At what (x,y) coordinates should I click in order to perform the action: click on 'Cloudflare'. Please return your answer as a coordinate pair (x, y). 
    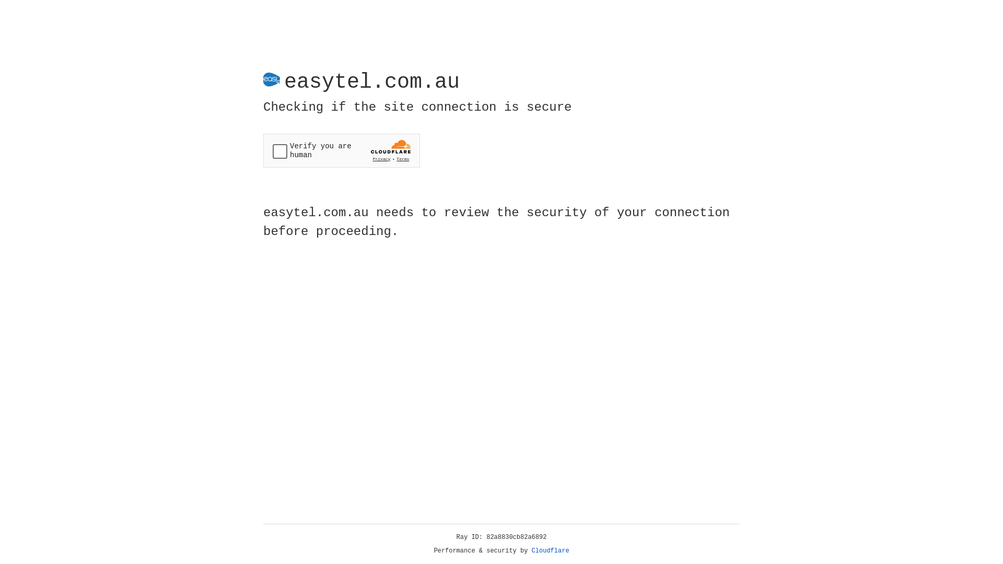
    Looking at the image, I should click on (550, 550).